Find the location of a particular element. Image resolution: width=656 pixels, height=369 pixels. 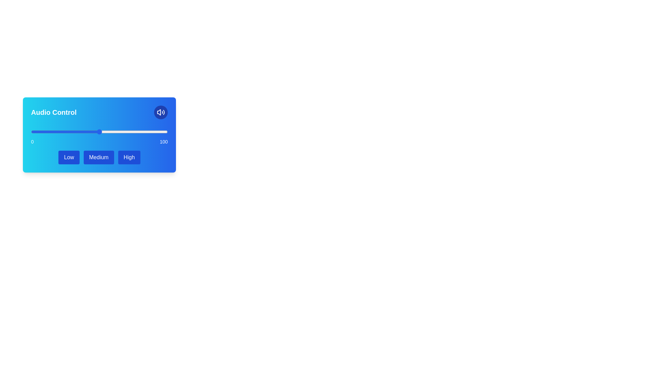

the slider value is located at coordinates (98, 132).